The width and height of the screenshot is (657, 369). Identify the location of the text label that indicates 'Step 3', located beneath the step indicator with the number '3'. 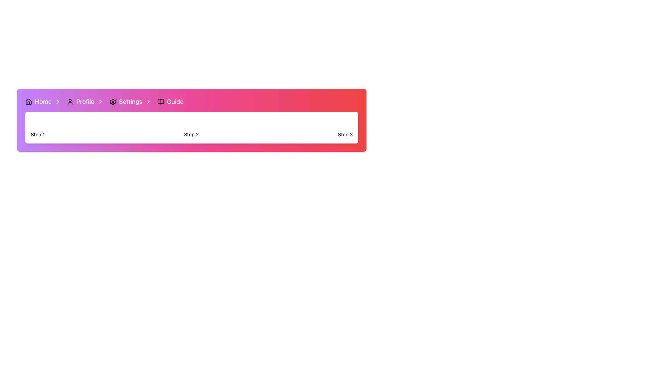
(345, 134).